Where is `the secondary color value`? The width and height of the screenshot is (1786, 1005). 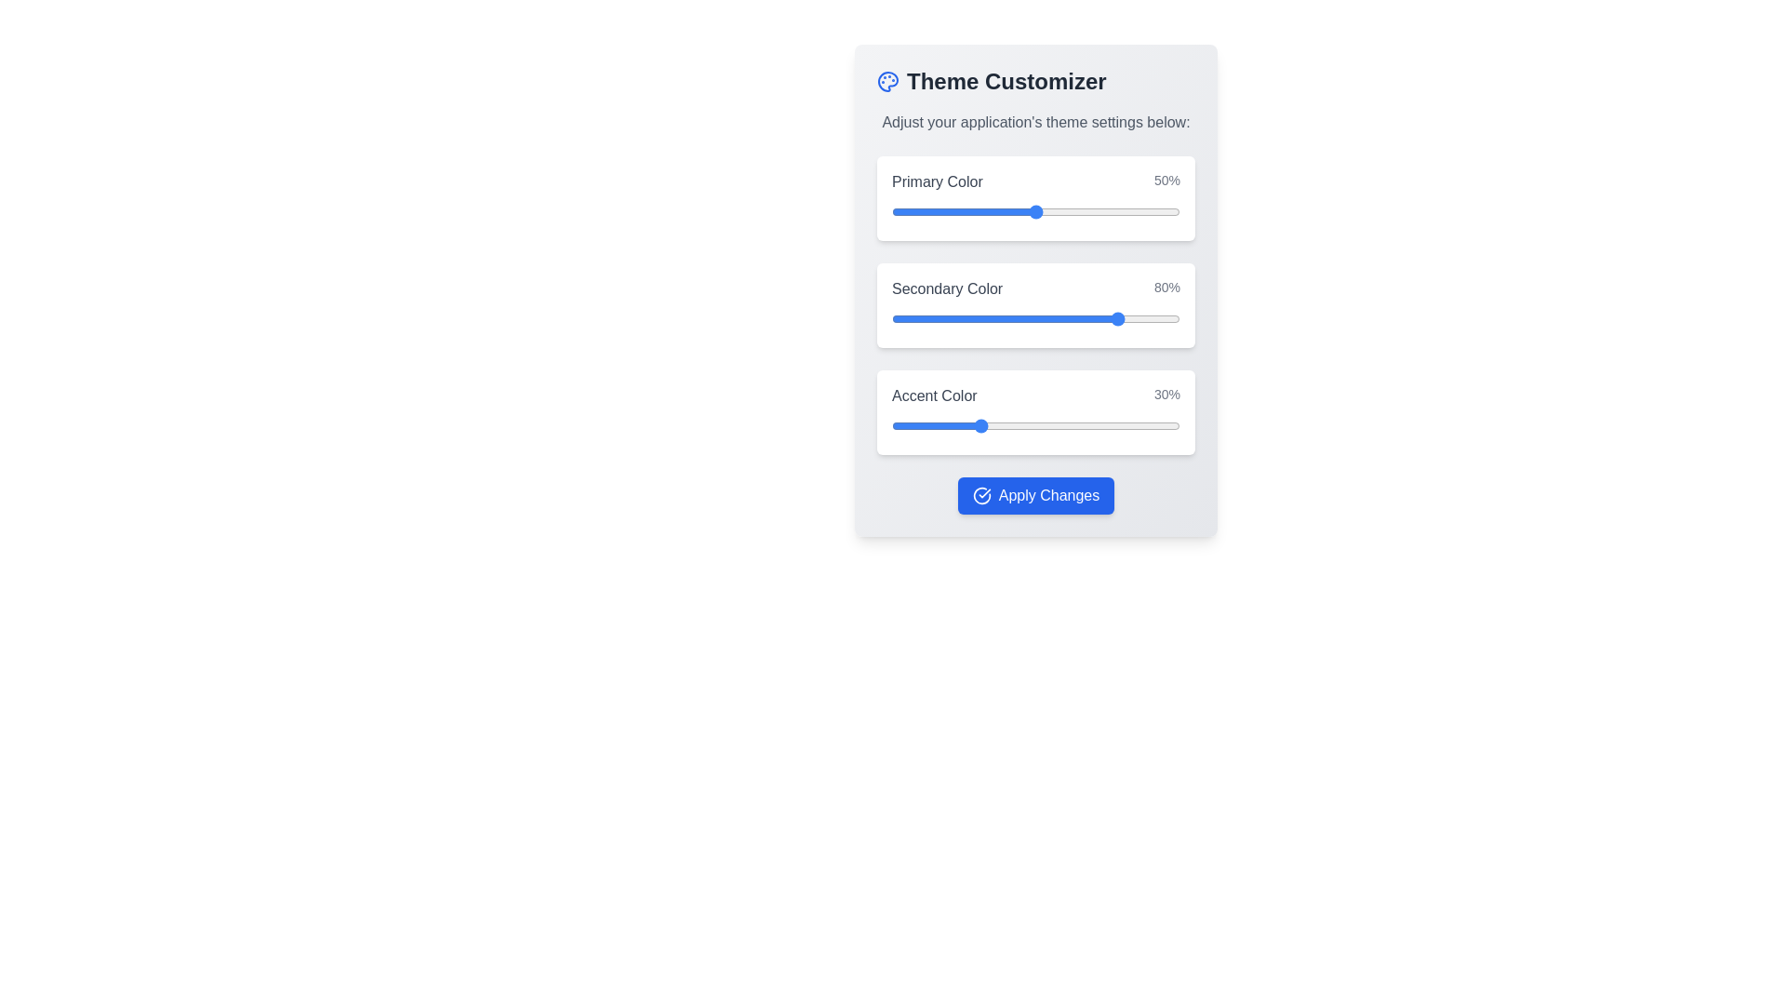 the secondary color value is located at coordinates (903, 318).